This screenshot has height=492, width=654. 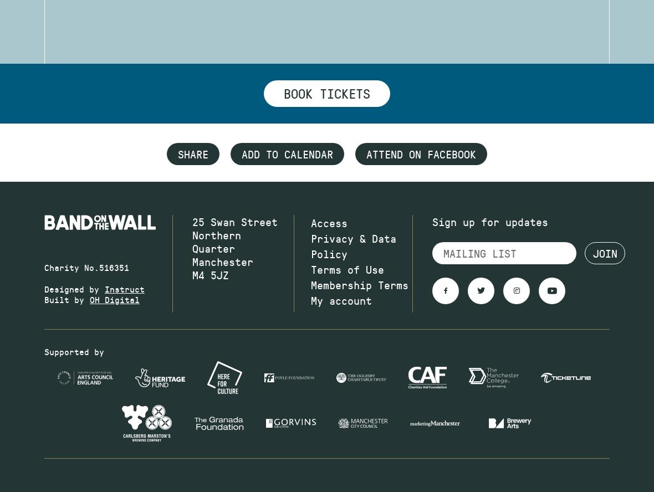 What do you see at coordinates (284, 93) in the screenshot?
I see `'Book tickets'` at bounding box center [284, 93].